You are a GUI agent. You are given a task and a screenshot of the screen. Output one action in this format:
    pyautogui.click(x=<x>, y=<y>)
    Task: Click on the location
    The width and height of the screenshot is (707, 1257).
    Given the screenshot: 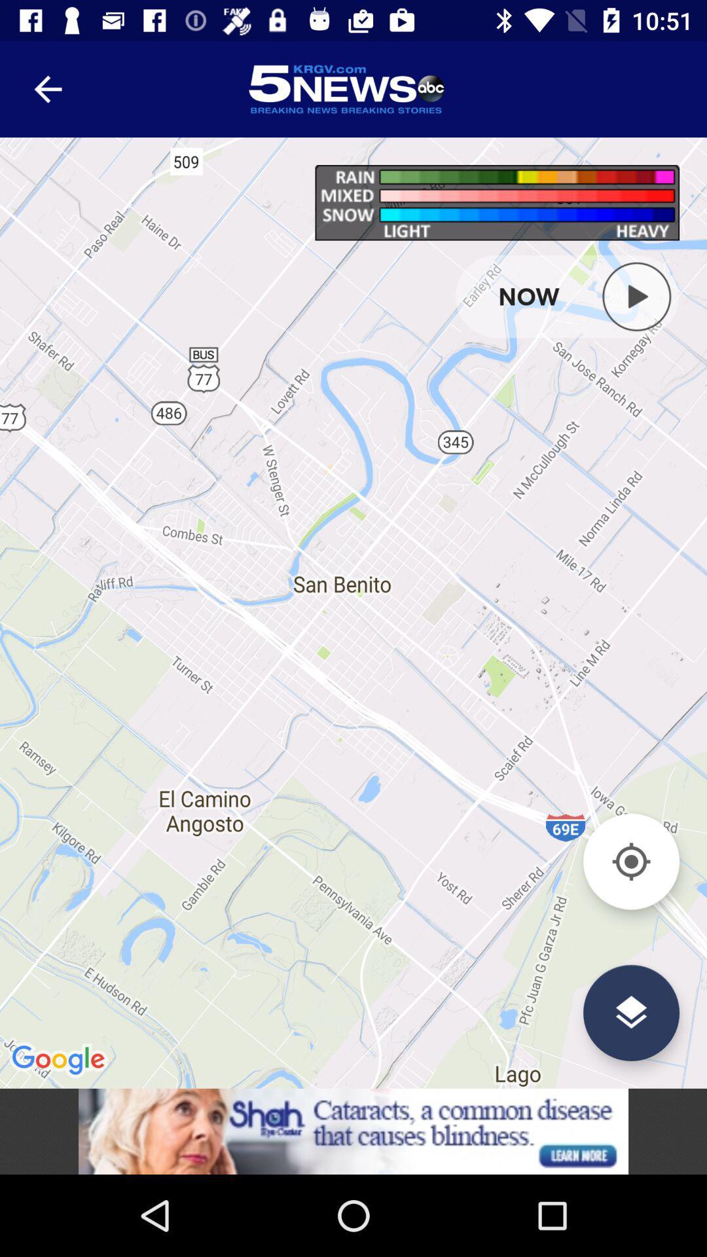 What is the action you would take?
    pyautogui.click(x=630, y=862)
    